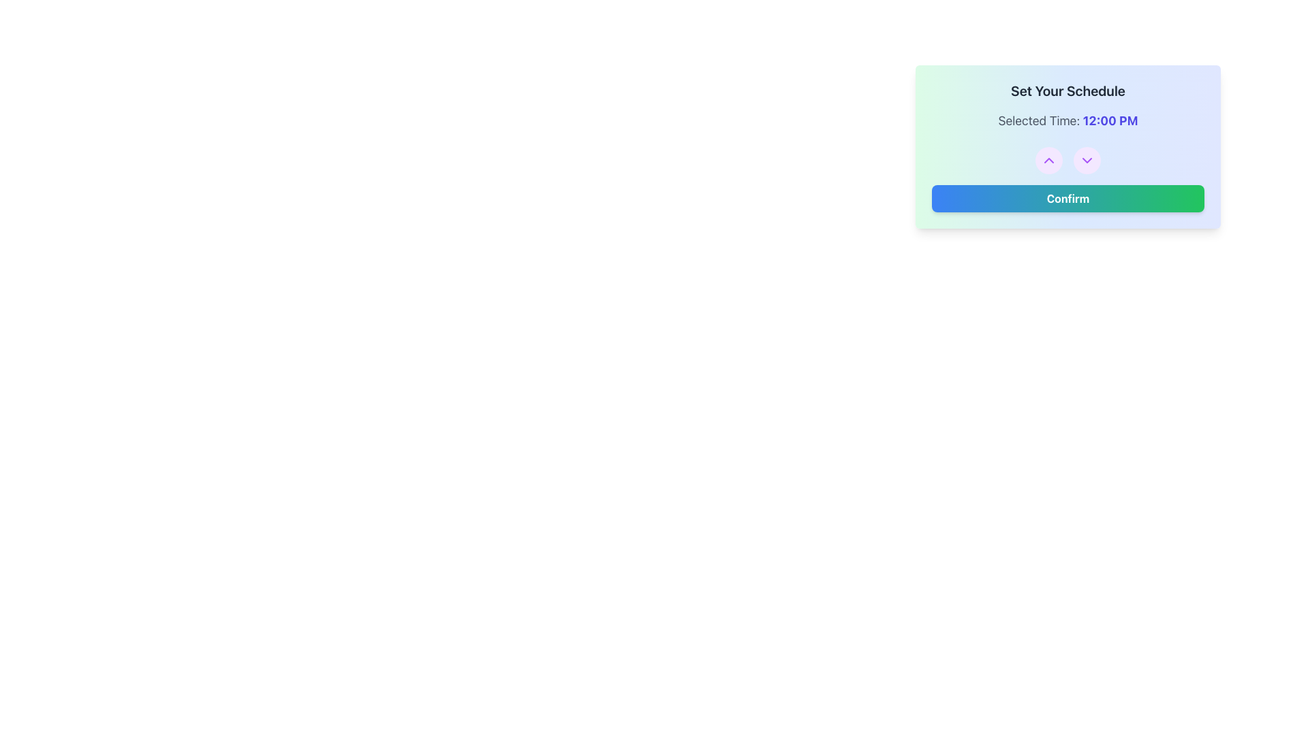 The height and width of the screenshot is (735, 1308). I want to click on the button that decreases the selected time, located beneath 'Selected Time: 12:00 PM' and to the right of the circular button with an upward-facing chevron, so click(1087, 159).